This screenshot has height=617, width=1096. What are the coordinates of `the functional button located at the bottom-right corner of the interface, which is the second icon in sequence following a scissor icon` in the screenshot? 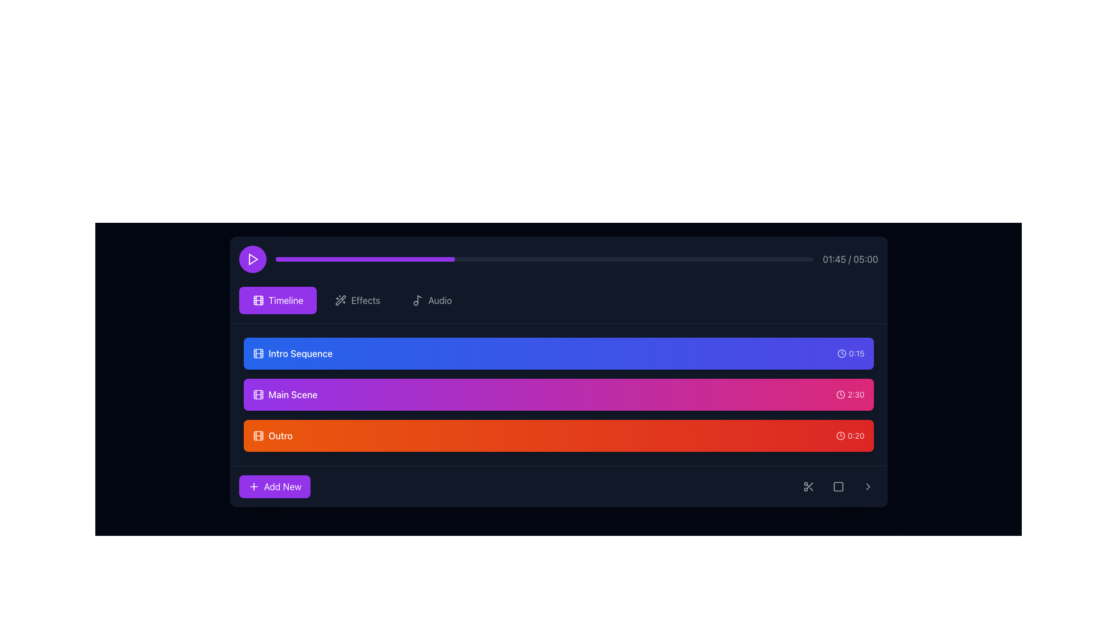 It's located at (838, 487).